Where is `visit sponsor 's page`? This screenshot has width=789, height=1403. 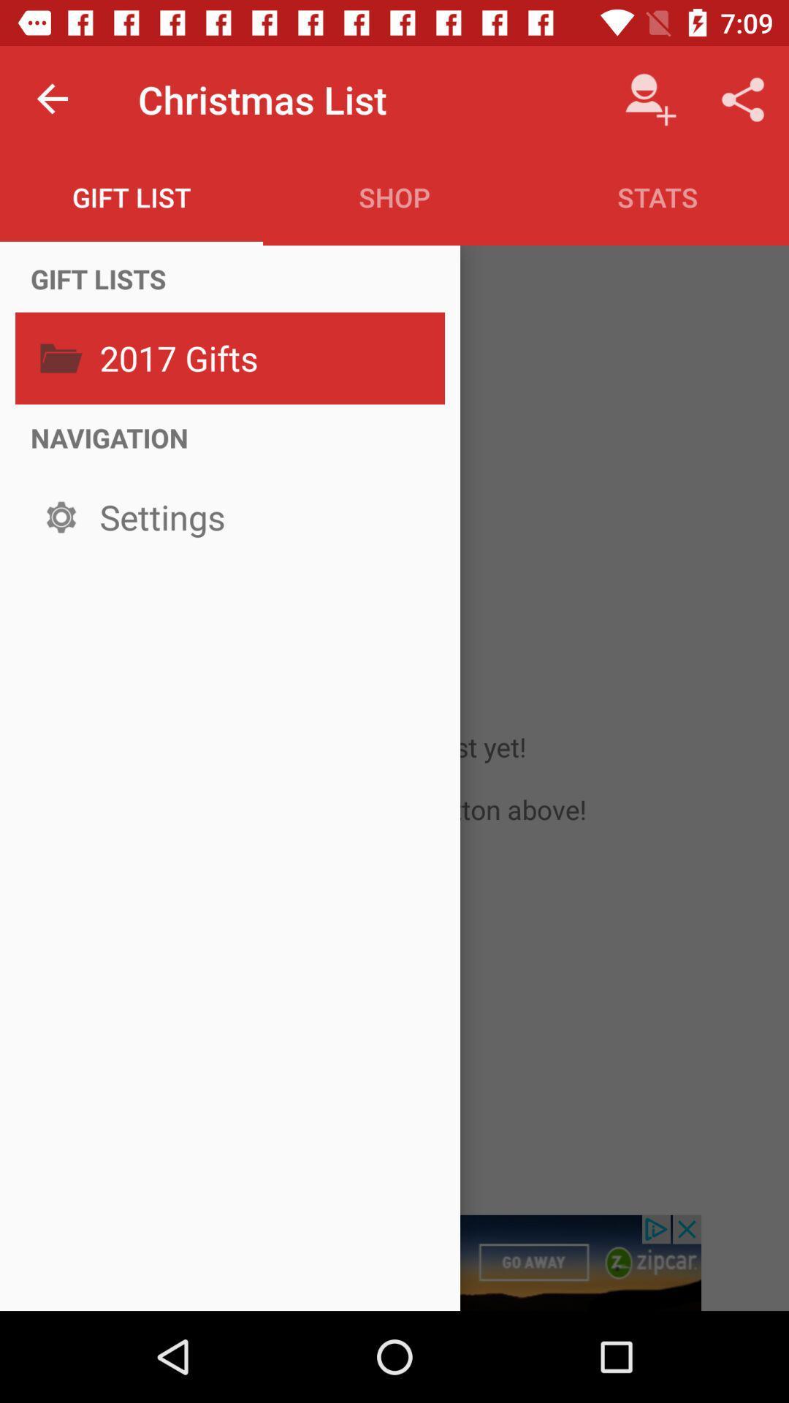 visit sponsor 's page is located at coordinates (394, 1262).